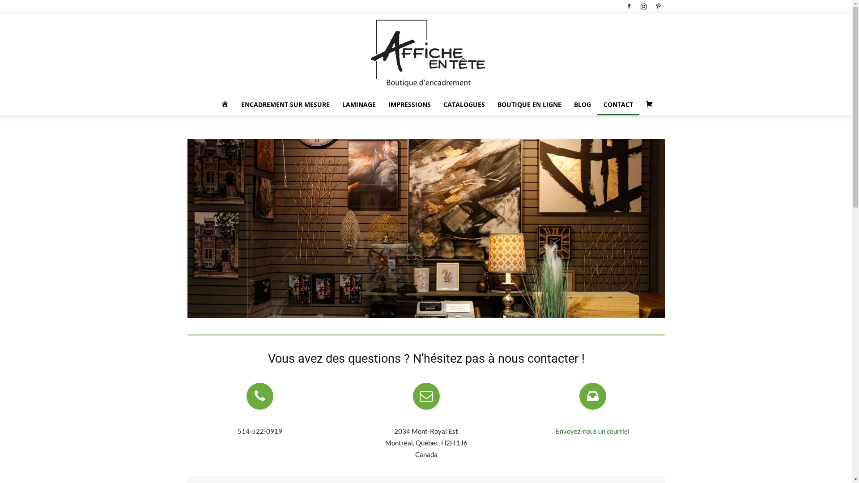 Image resolution: width=859 pixels, height=483 pixels. Describe the element at coordinates (617, 104) in the screenshot. I see `'CONTACT'` at that location.